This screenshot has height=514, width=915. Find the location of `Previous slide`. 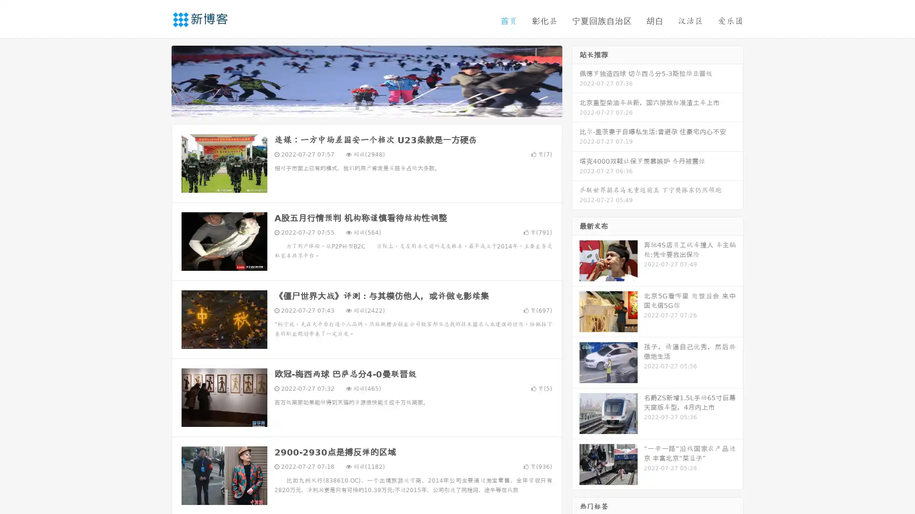

Previous slide is located at coordinates (157, 80).